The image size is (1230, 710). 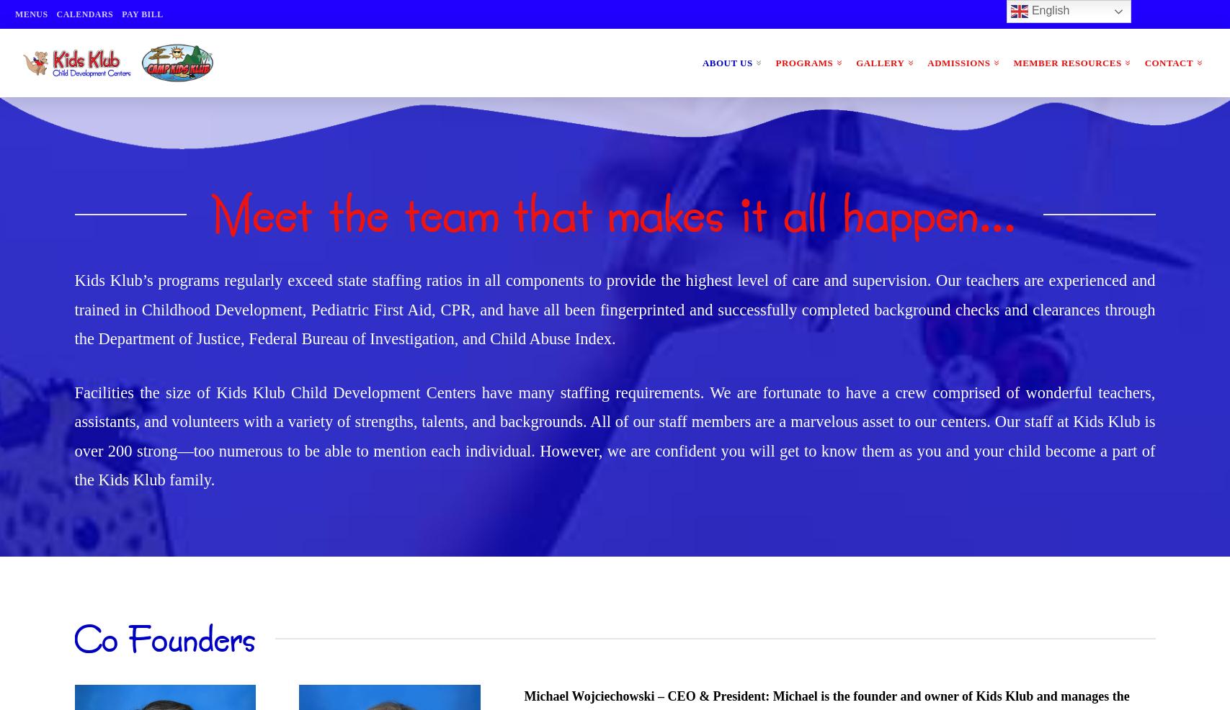 I want to click on 'Our Locations', so click(x=754, y=189).